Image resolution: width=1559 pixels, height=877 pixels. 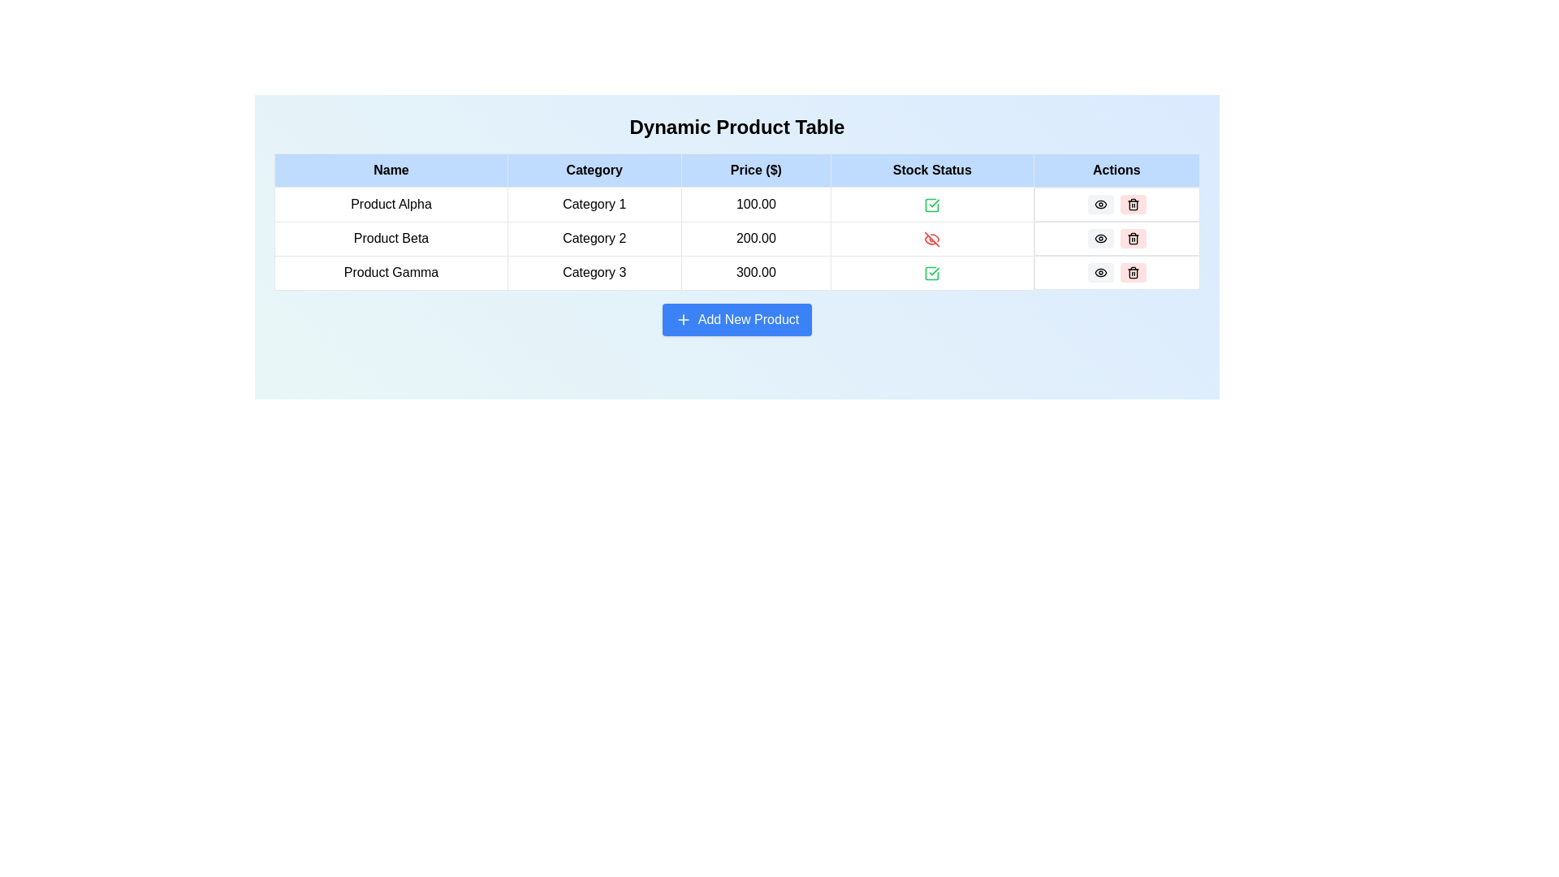 What do you see at coordinates (391, 203) in the screenshot?
I see `the product name label located in the first row of the table under the 'Name' column to potentially select the row` at bounding box center [391, 203].